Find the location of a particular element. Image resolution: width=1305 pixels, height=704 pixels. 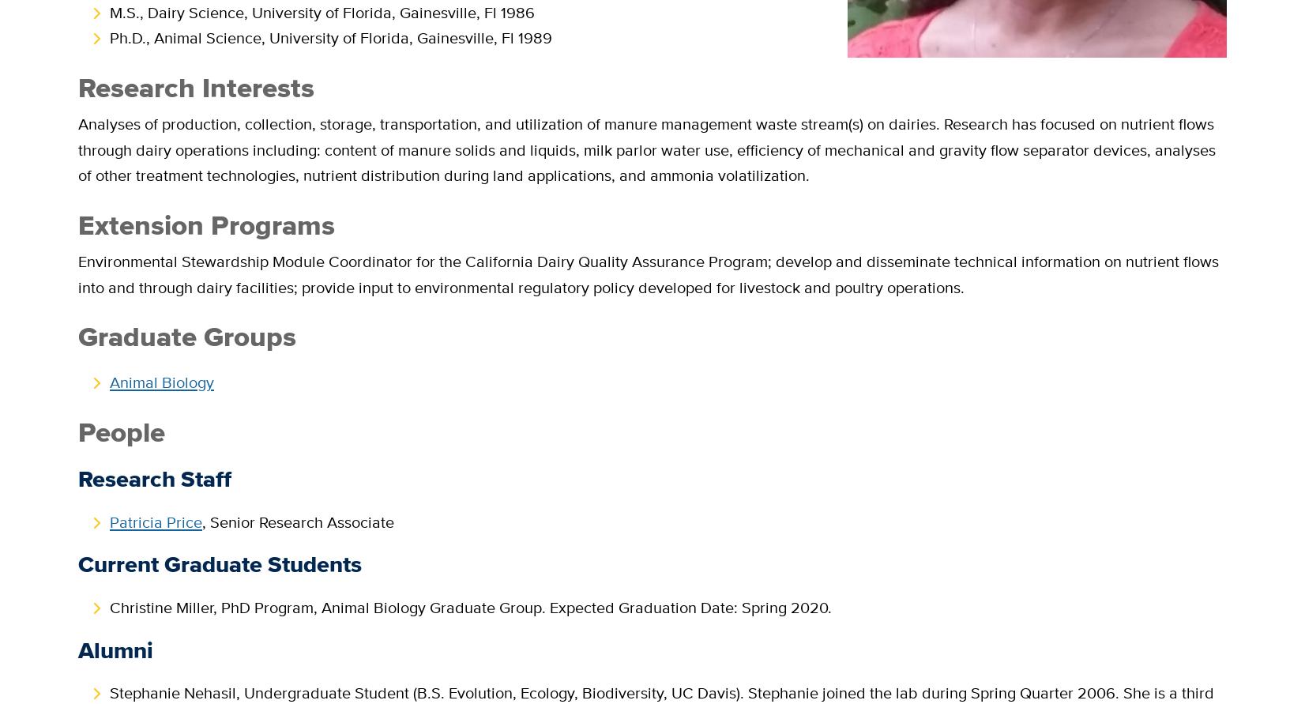

'Christine Miller, PhD Program, Animal Biology Graduate Group. Expected Graduation Date: Spring 2020.' is located at coordinates (471, 607).